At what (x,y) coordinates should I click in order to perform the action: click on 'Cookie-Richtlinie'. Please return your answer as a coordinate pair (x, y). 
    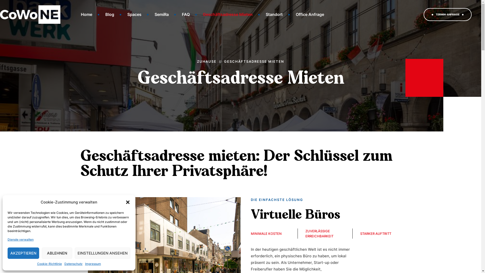
    Looking at the image, I should click on (49, 264).